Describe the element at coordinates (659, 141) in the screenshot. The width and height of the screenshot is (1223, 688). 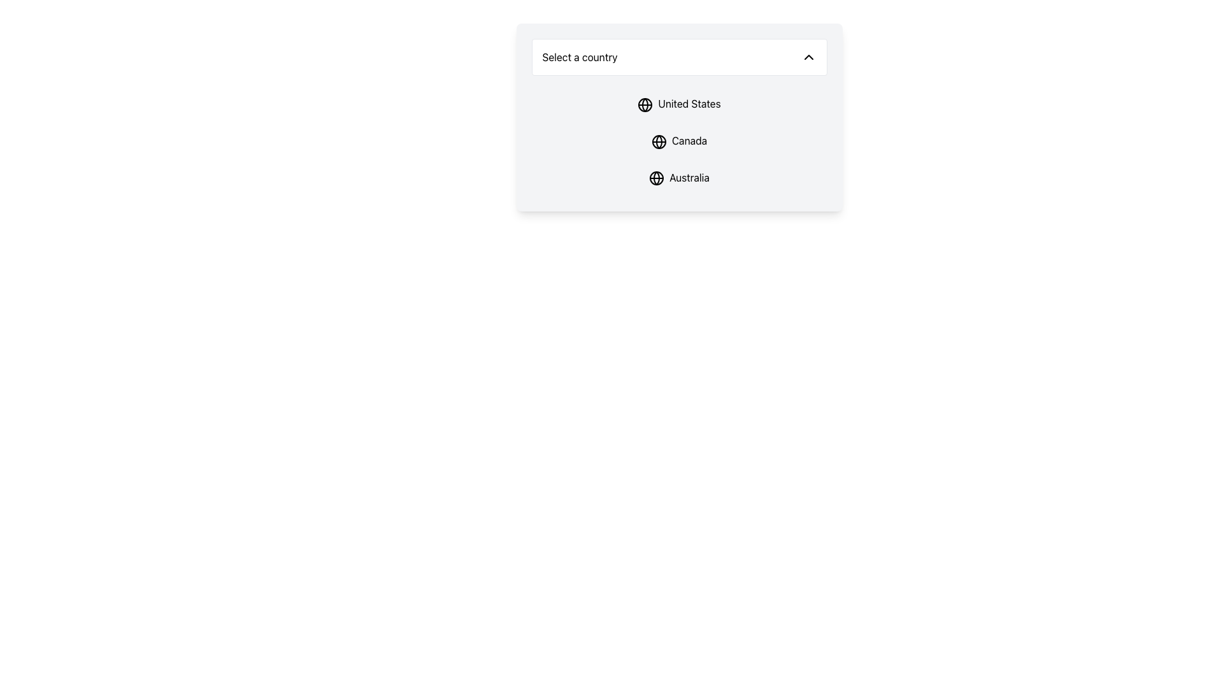
I see `the globe icon representing Canada, located to the left of the text 'Canada' in the dropdown menu` at that location.